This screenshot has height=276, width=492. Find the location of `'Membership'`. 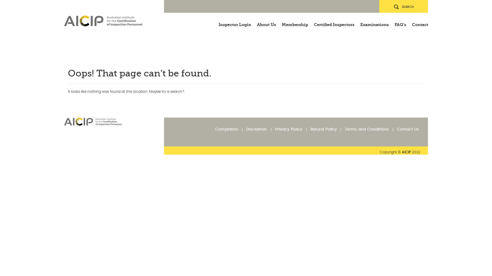

'Membership' is located at coordinates (295, 22).